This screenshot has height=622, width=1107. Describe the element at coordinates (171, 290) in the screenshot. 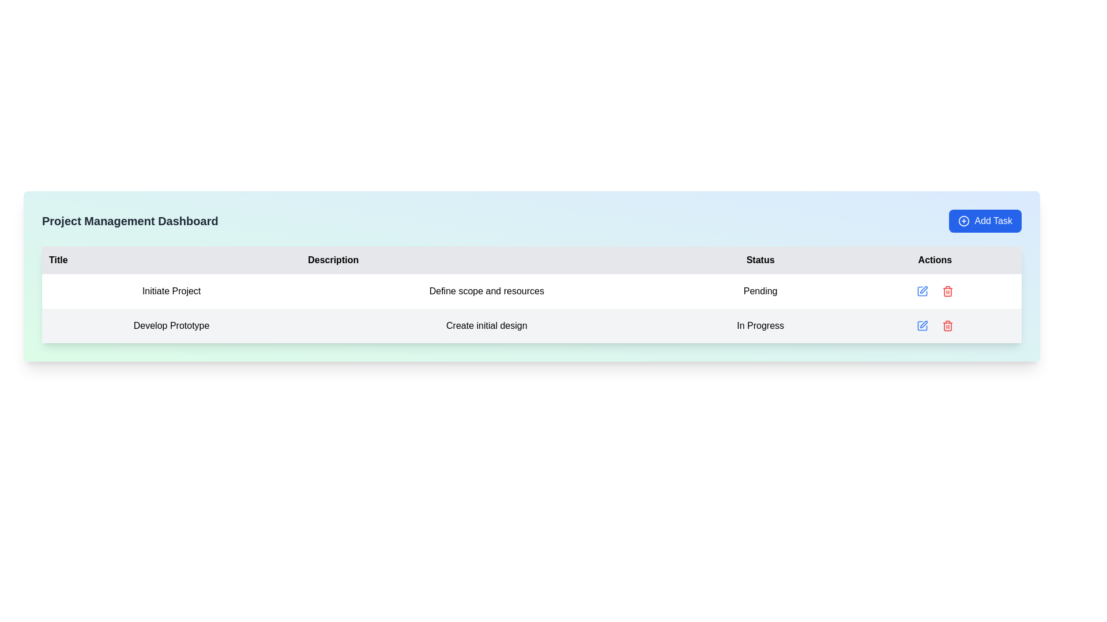

I see `the text label displaying 'Initiate Project' in bold, black font, which is the first element in the 'Title' column of the table` at that location.